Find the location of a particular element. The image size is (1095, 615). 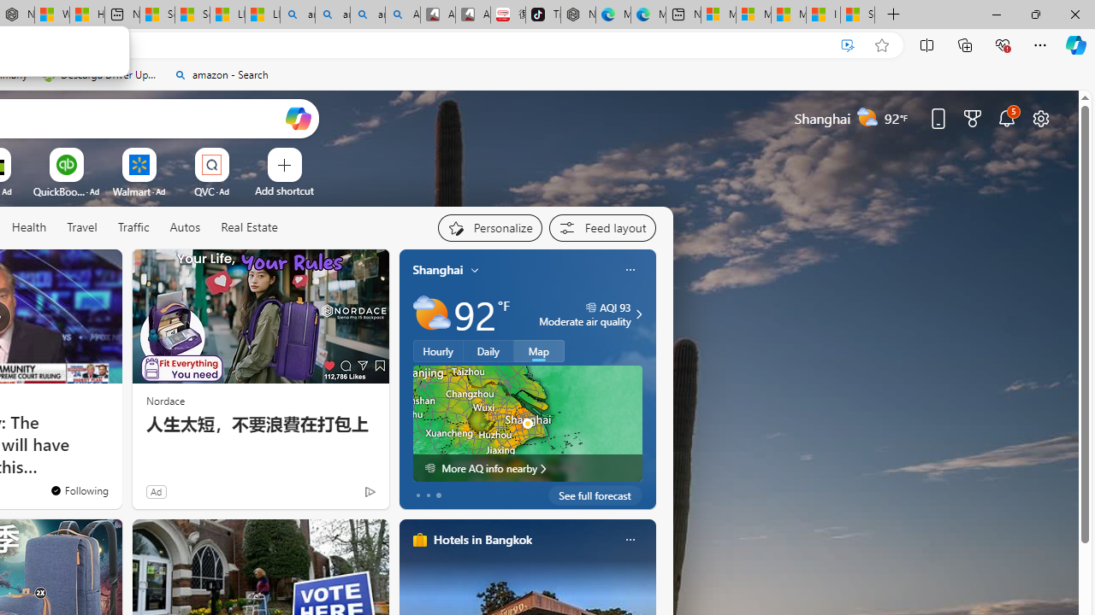

'Autos' is located at coordinates (185, 227).